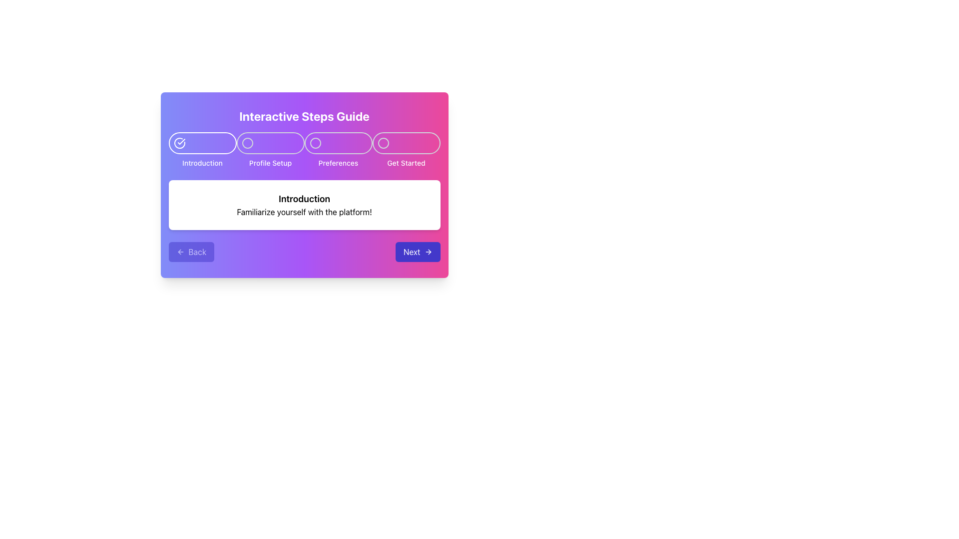  Describe the element at coordinates (270, 163) in the screenshot. I see `the static text label displaying 'Profile Setup', which is located below the second circular step indicator in the progress tracker` at that location.